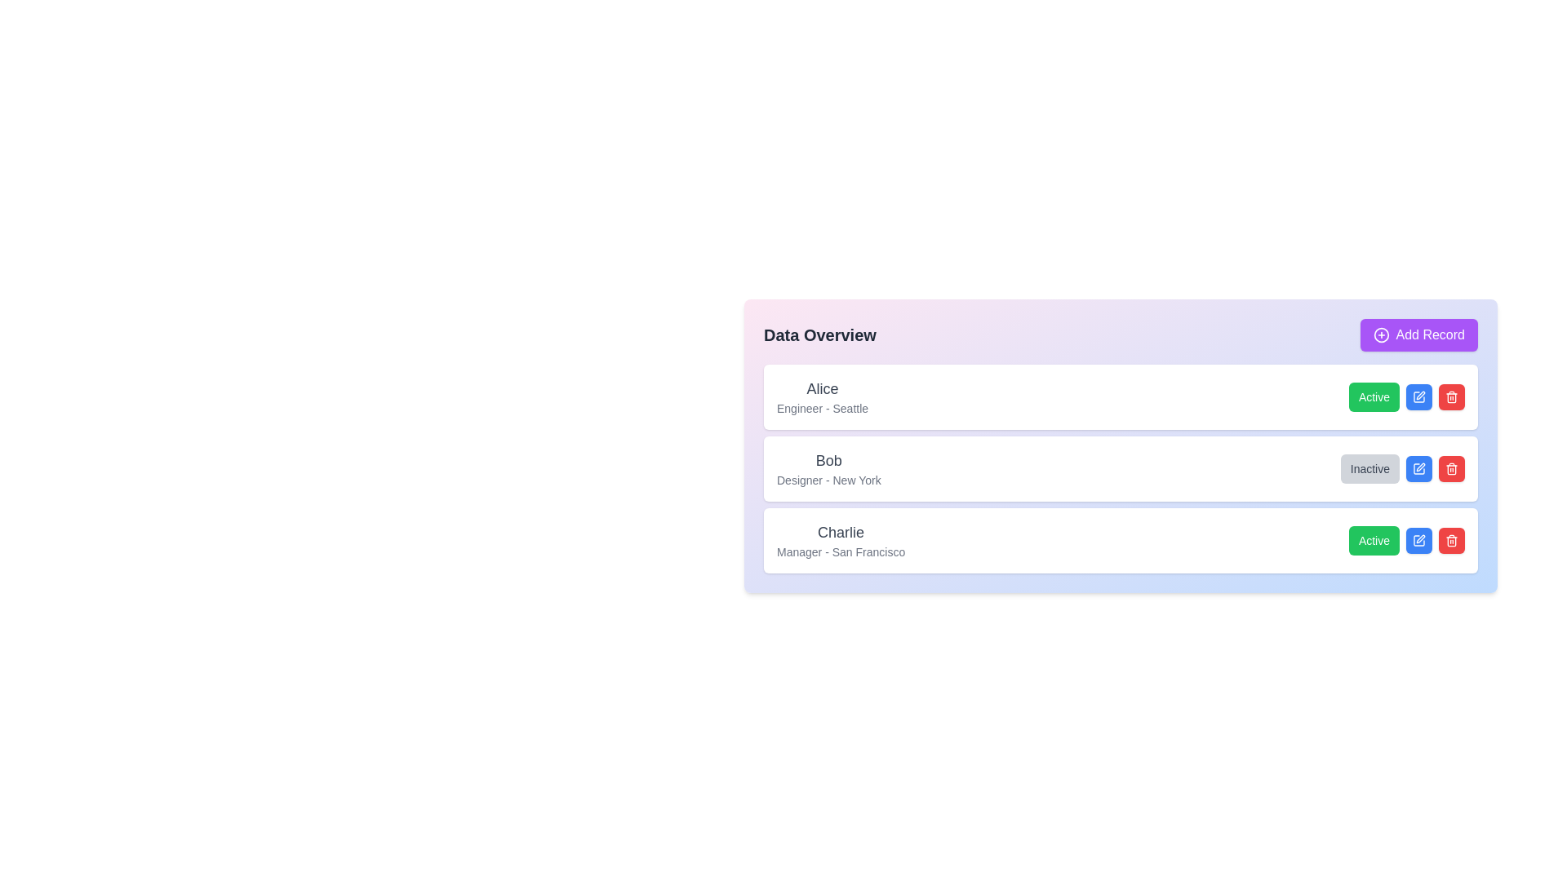  Describe the element at coordinates (1374, 396) in the screenshot. I see `the 'Active' button, which is a rectangular button with white text on a green background located in the top row adjacent to 'Edit' and 'Delete' buttons for the user 'Bob'` at that location.